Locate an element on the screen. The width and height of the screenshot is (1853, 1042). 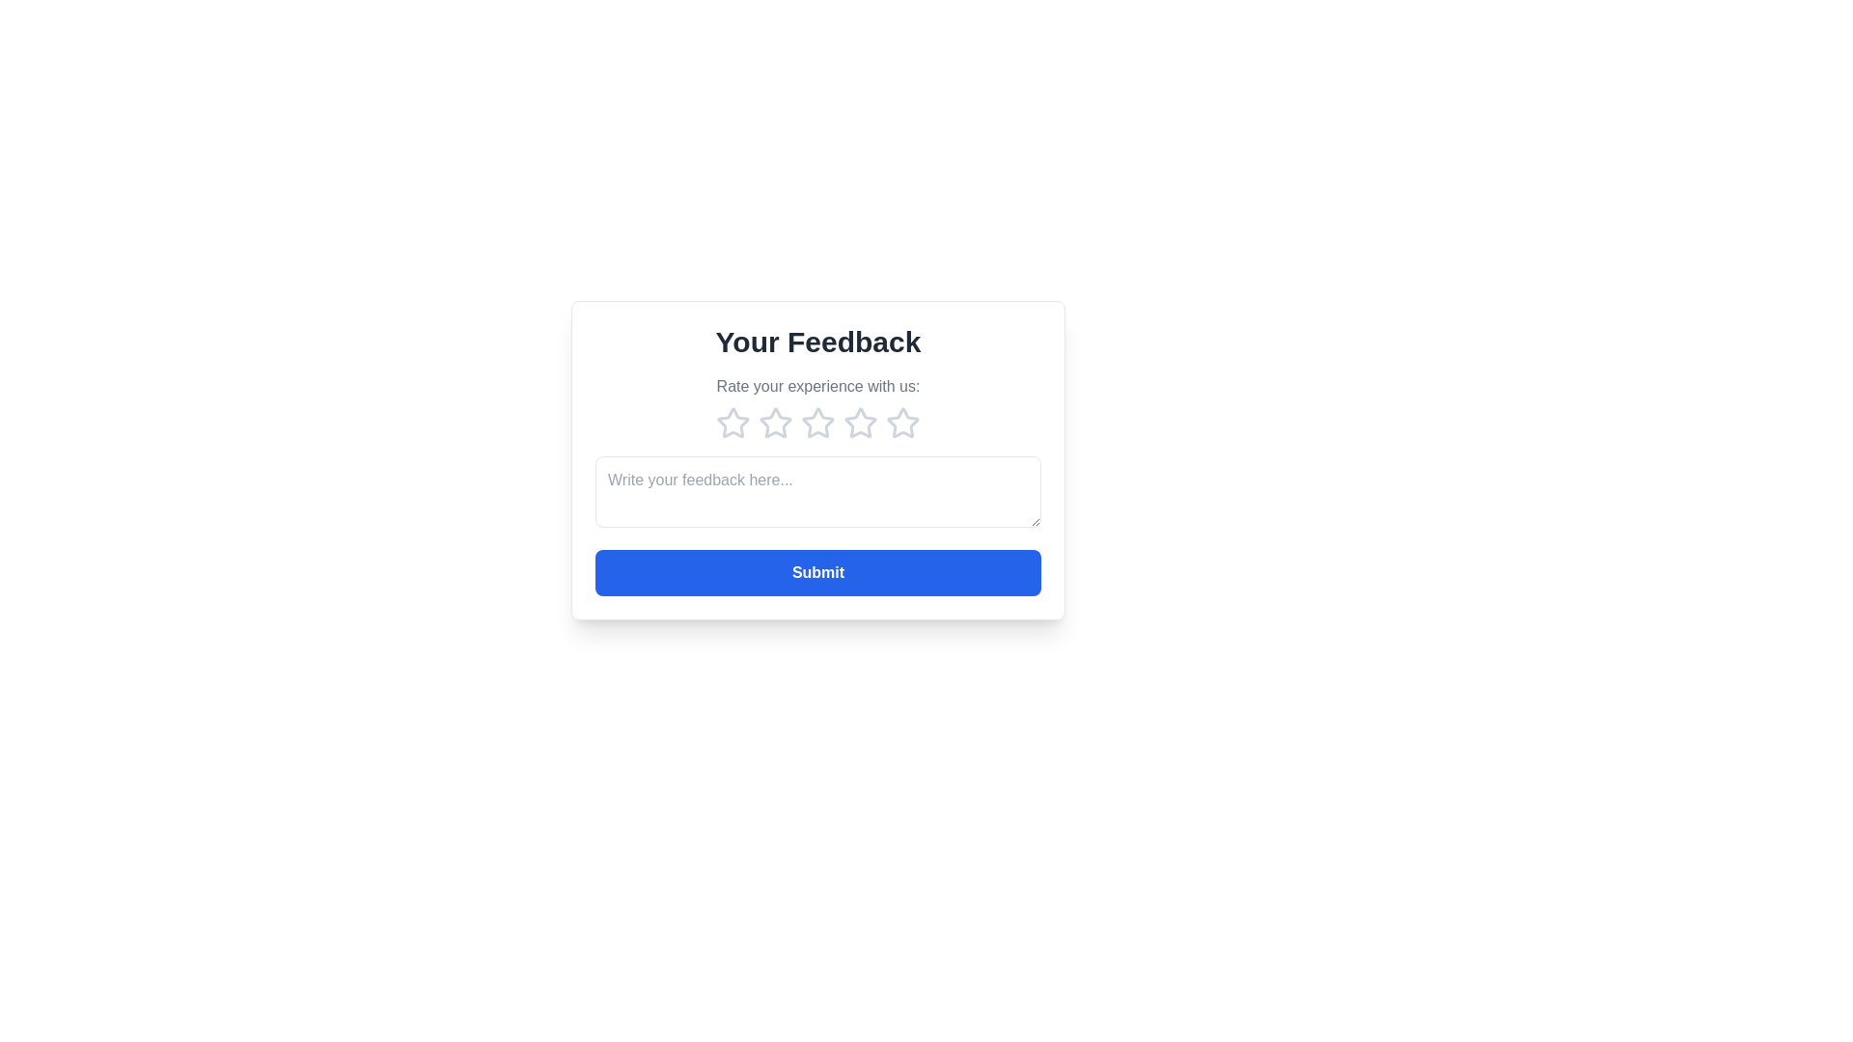
the star corresponding to 5 to preview the rating is located at coordinates (902, 423).